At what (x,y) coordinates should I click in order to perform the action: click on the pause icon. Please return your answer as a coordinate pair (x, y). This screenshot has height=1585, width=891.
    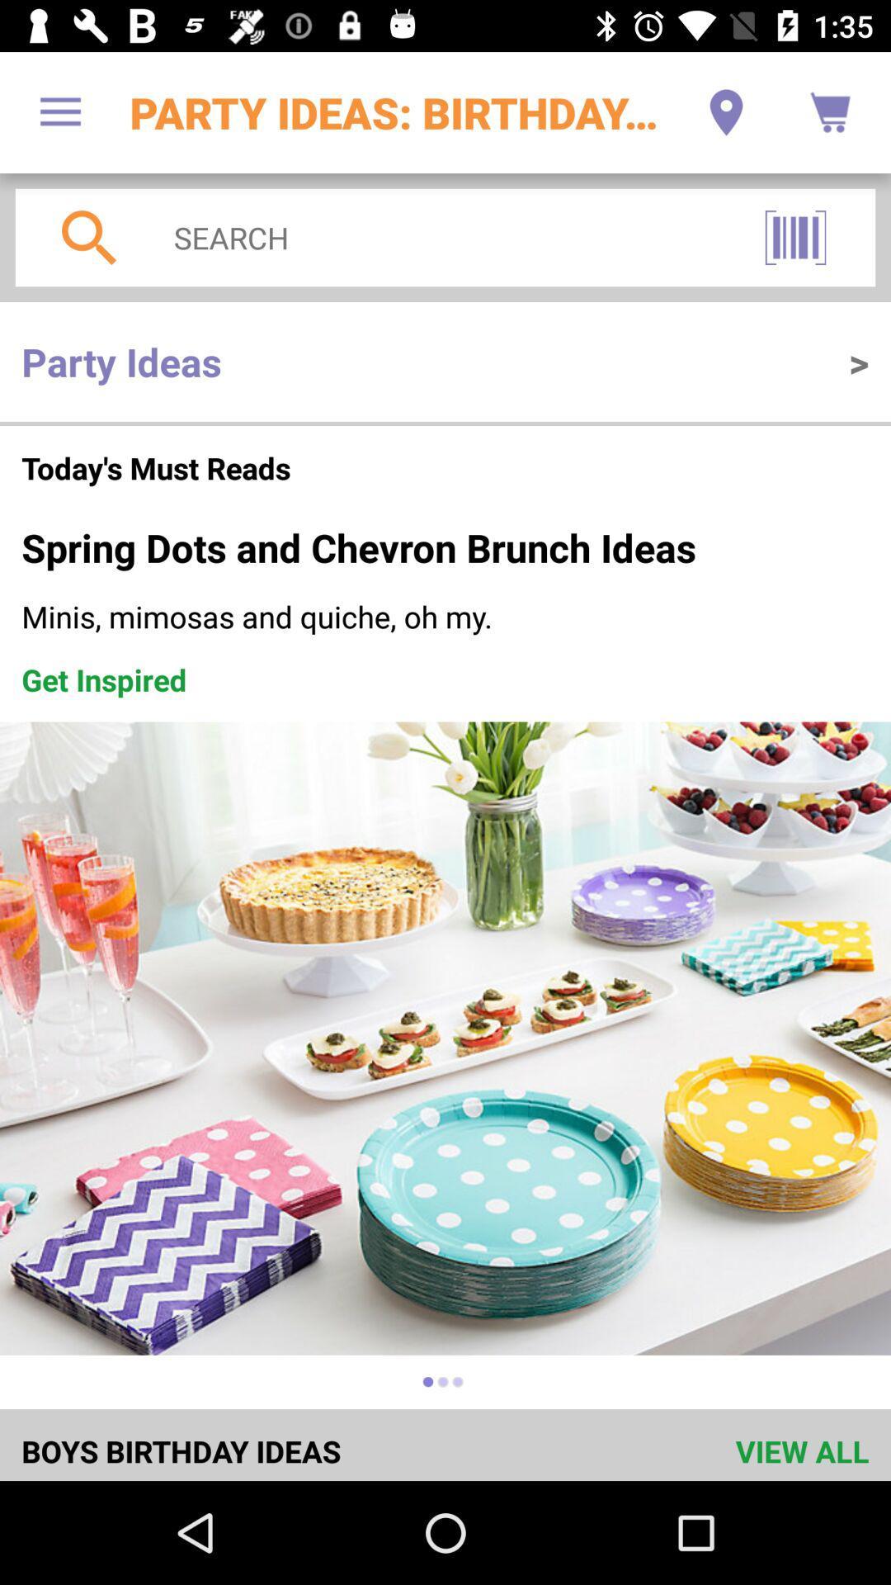
    Looking at the image, I should click on (794, 237).